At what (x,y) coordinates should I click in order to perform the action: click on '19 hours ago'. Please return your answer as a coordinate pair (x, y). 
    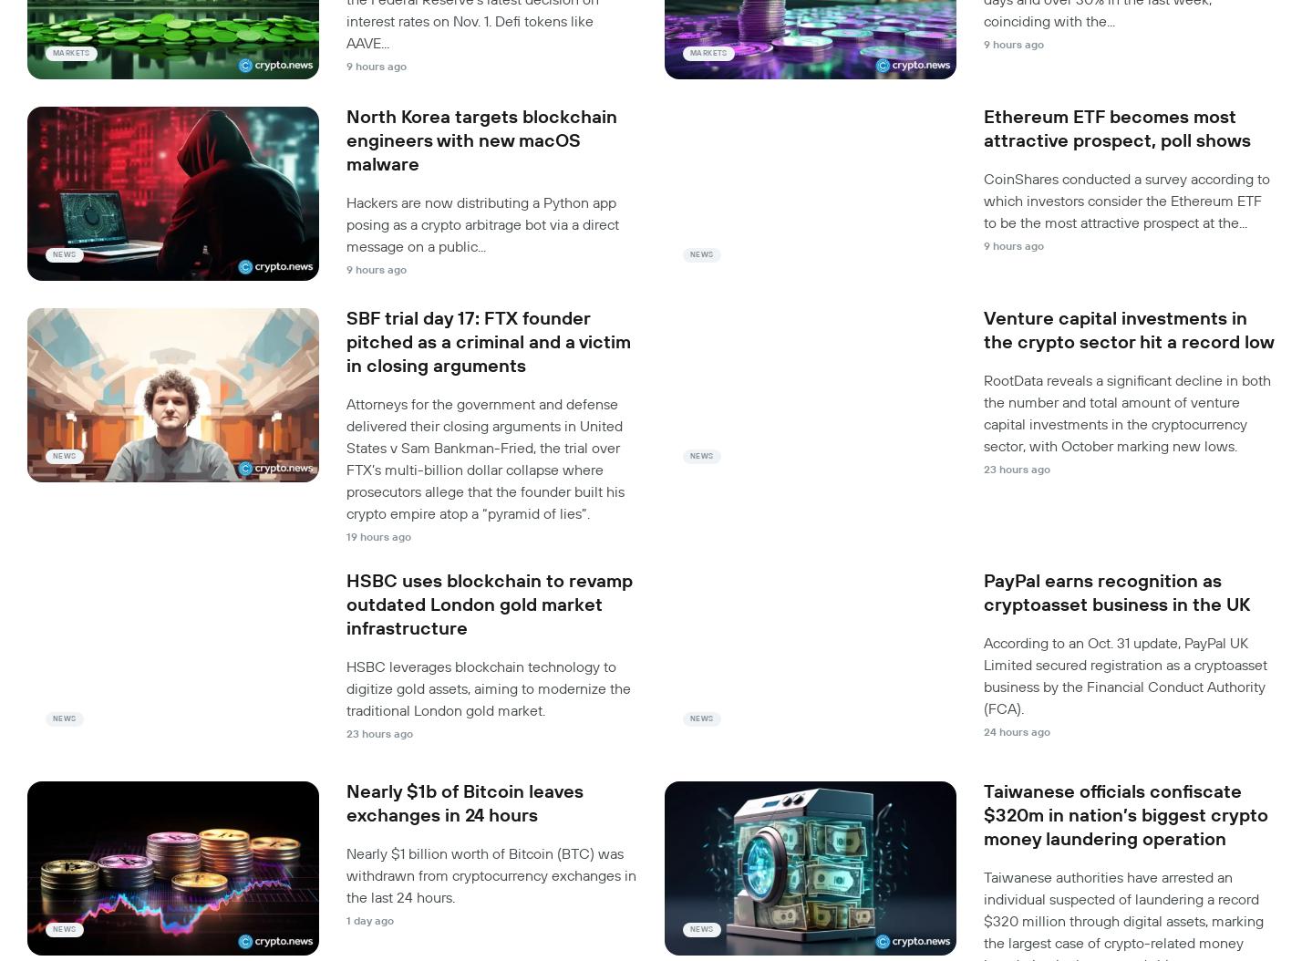
    Looking at the image, I should click on (378, 535).